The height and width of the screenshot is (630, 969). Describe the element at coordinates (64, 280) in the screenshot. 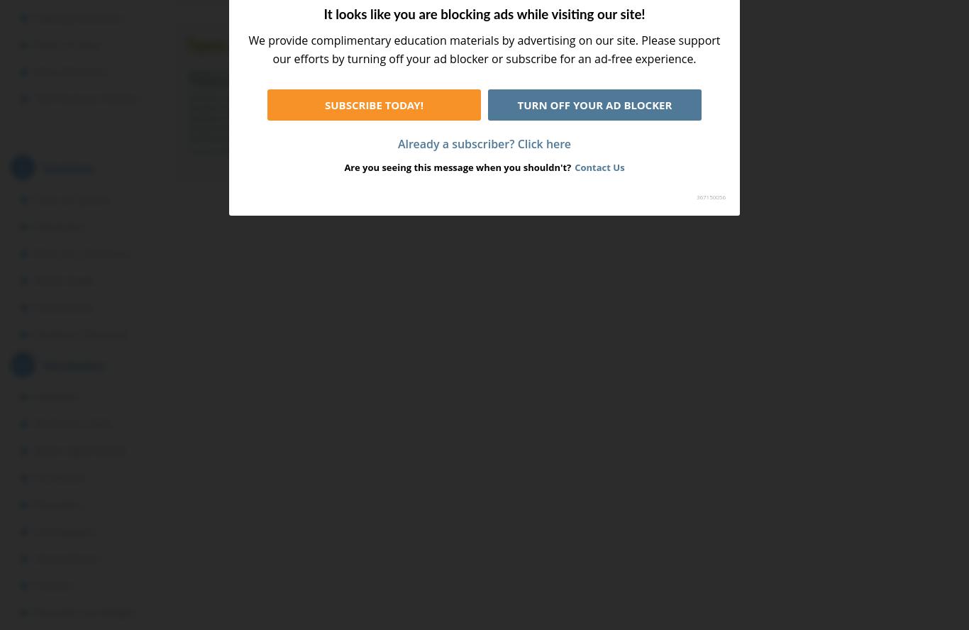

I see `'Word Usage'` at that location.